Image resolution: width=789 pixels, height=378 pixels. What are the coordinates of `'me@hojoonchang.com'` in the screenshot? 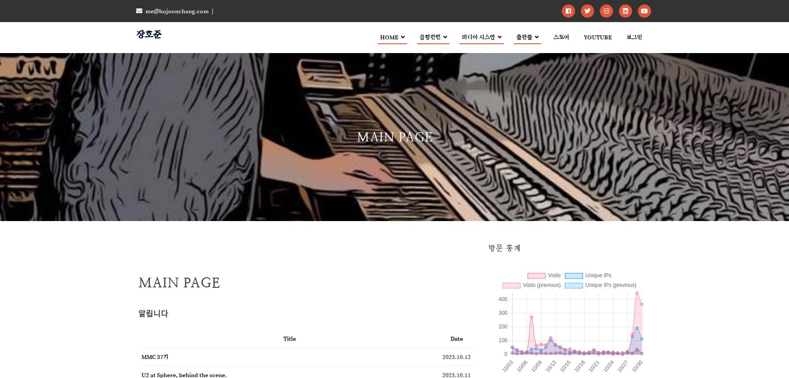 It's located at (176, 11).